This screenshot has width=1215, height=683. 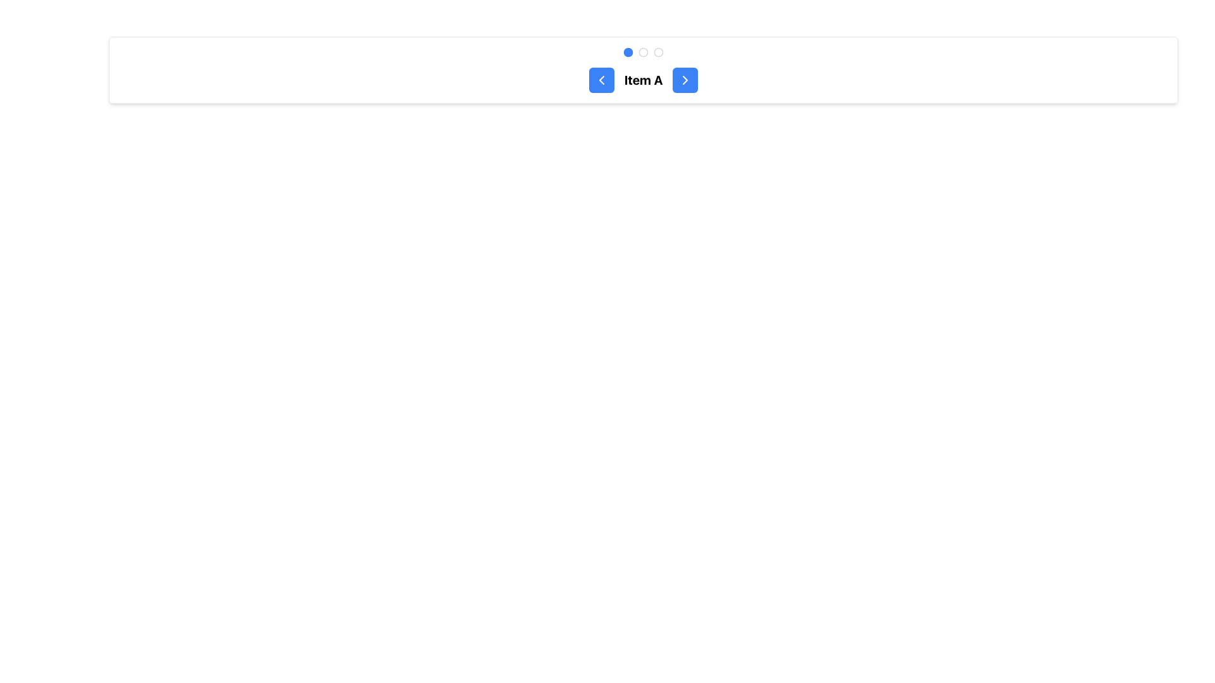 What do you see at coordinates (628, 52) in the screenshot?
I see `the first circular Selectable Indicator above 'Item A'` at bounding box center [628, 52].